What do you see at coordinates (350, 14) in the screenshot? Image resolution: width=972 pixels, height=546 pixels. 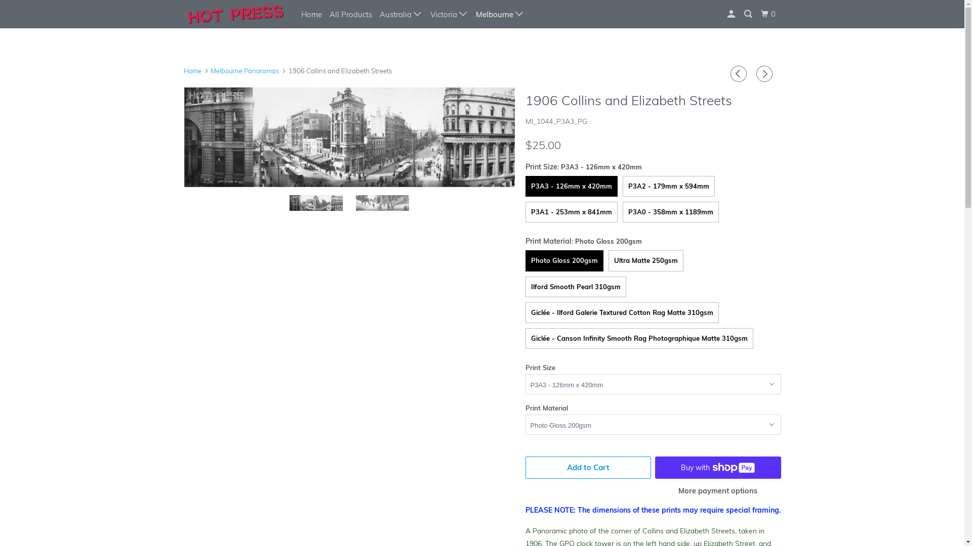 I see `'All Products'` at bounding box center [350, 14].